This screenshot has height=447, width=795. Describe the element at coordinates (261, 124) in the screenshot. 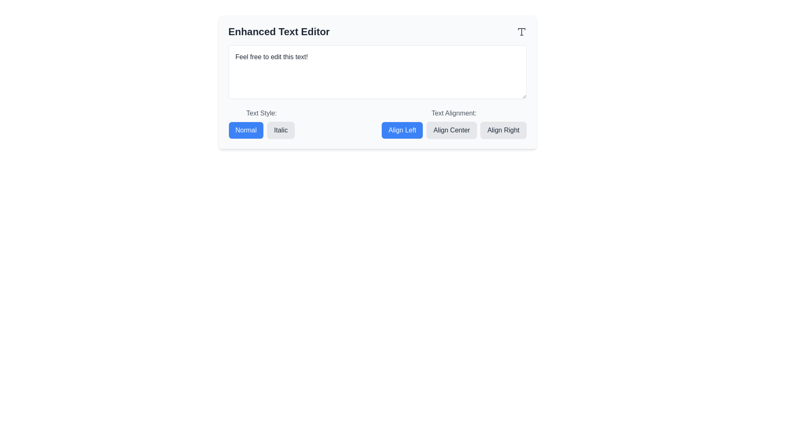

I see `the first button labeled 'Normal' in the 'Text Style' section, which has a blue background and white text` at that location.